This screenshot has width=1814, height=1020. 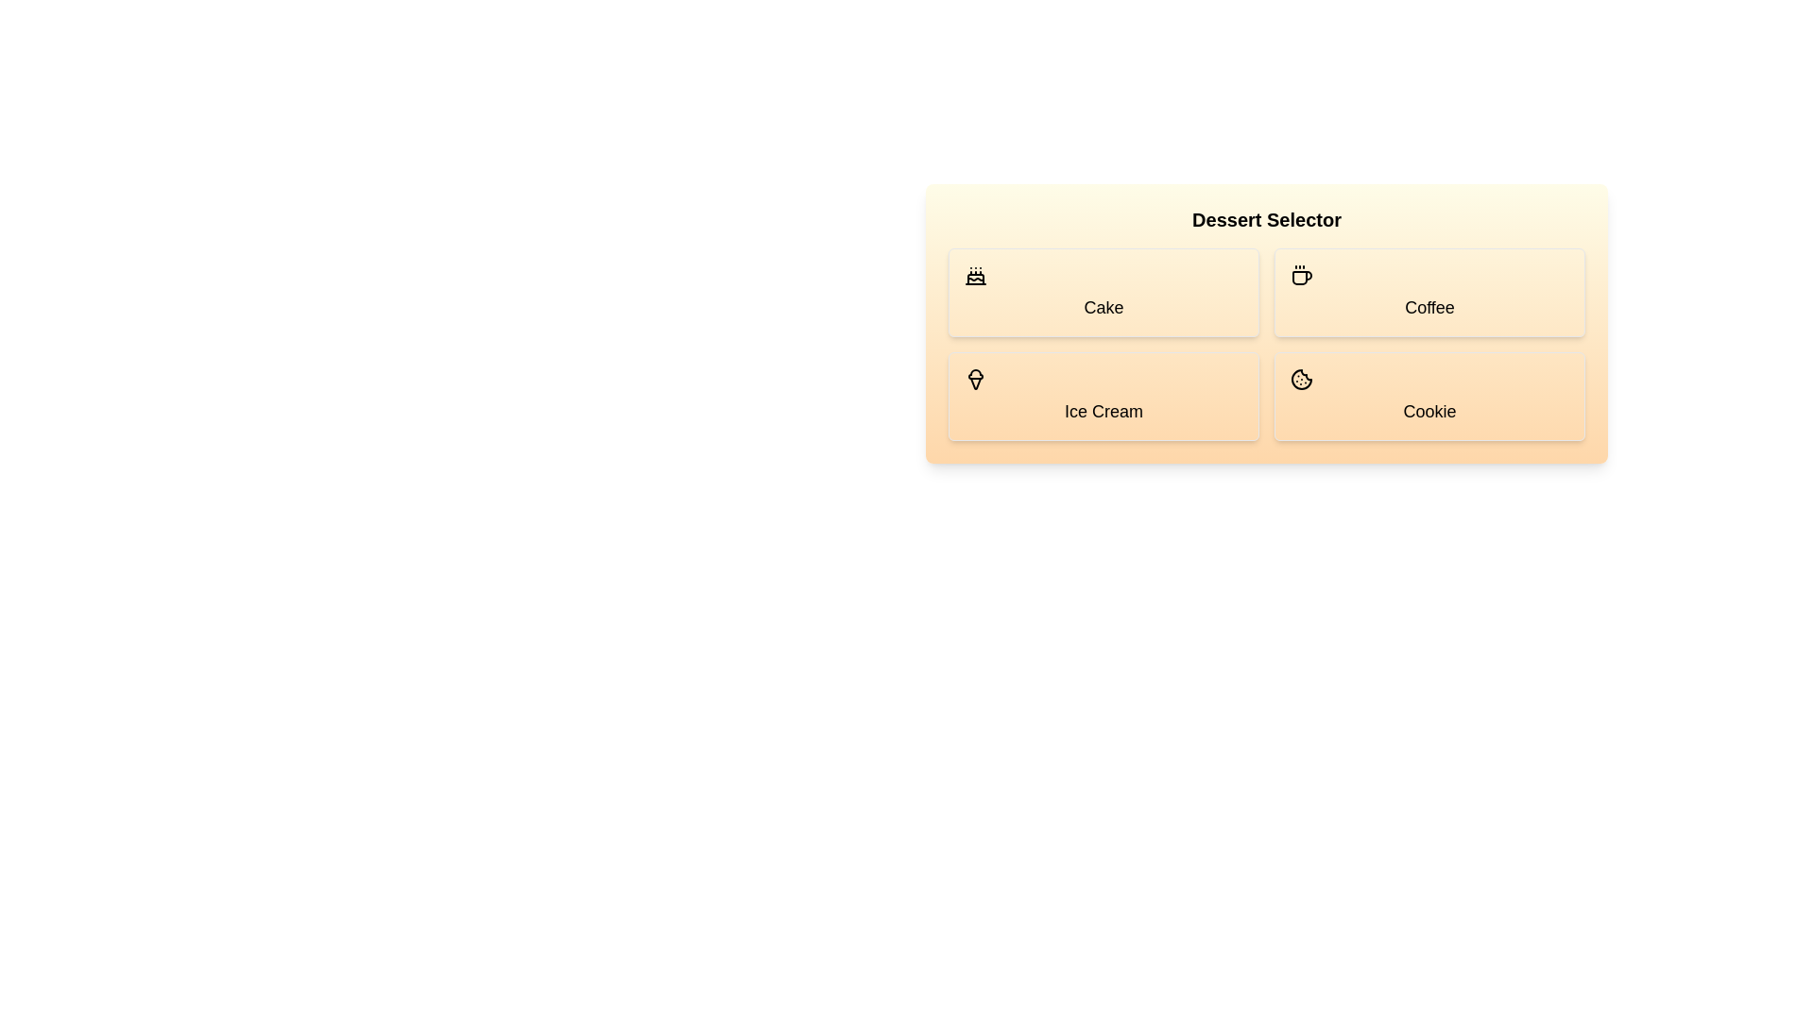 What do you see at coordinates (1429, 292) in the screenshot?
I see `the dessert Coffee by clicking its button` at bounding box center [1429, 292].